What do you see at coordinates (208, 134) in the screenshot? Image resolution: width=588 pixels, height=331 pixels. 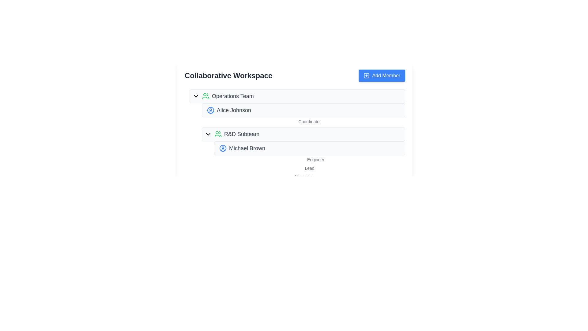 I see `the downward chevron icon located before the text 'R&D Subteam'` at bounding box center [208, 134].